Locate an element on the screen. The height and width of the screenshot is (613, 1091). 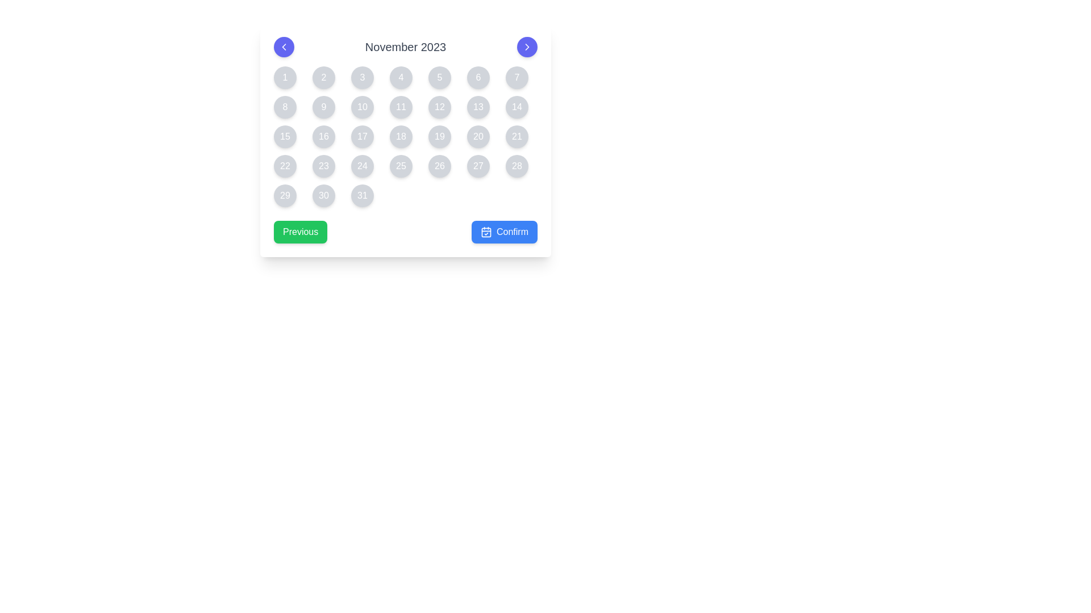
the circular button with the number '23' in white text, which has a light gray background and is part of the November 2023 calendar grid is located at coordinates (323, 166).